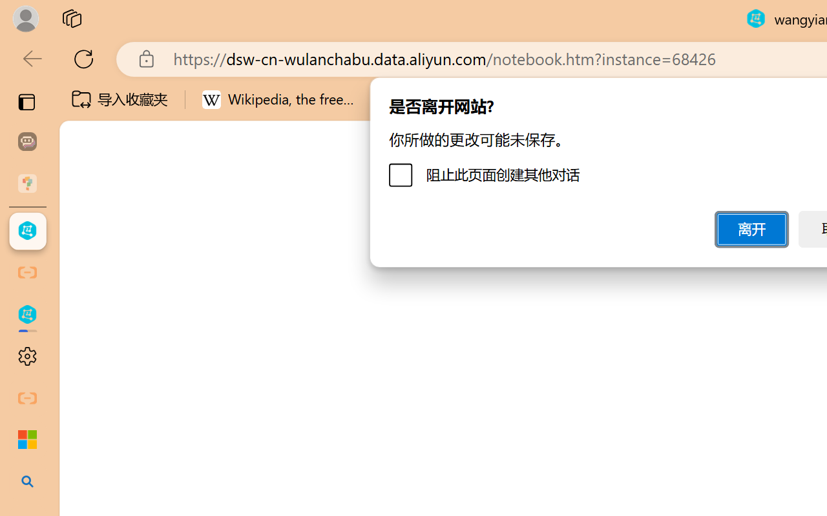  What do you see at coordinates (27, 315) in the screenshot?
I see `'wangyian_webcrawler - DSW'` at bounding box center [27, 315].